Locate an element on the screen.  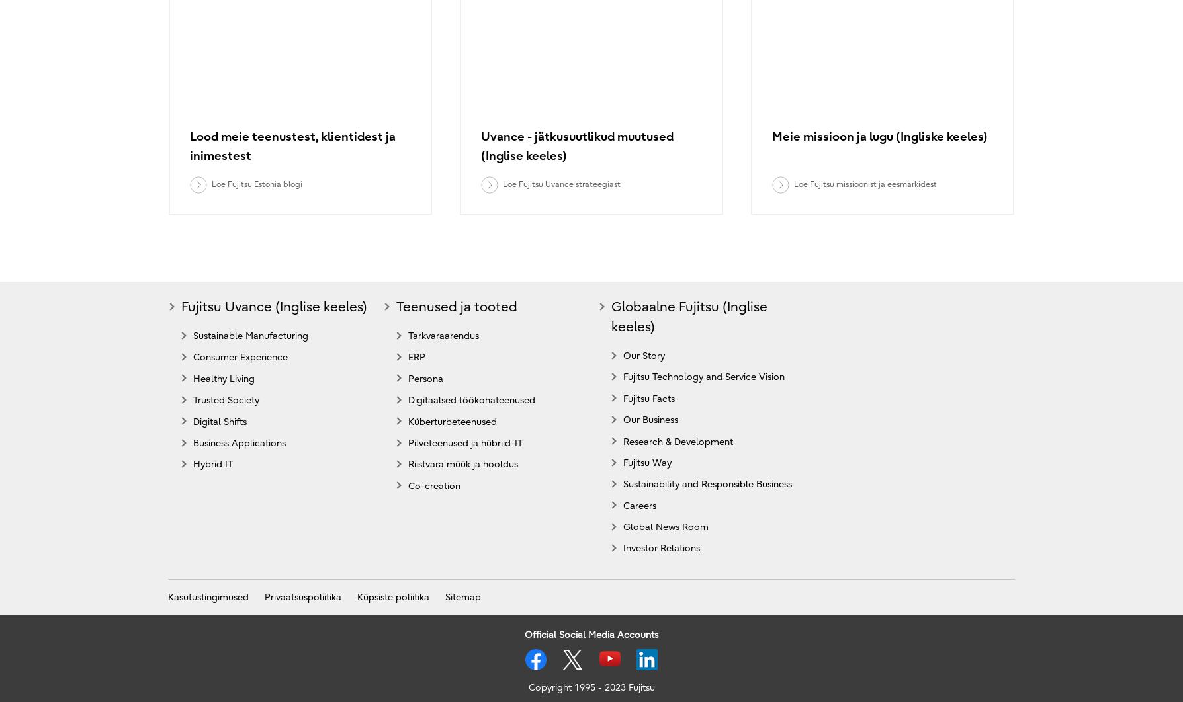
'Loe Fujitsu Estonia blogi' is located at coordinates (255, 183).